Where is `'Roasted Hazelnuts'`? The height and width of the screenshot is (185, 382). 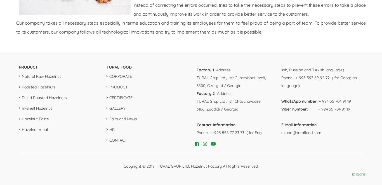
'Roasted Hazelnuts' is located at coordinates (22, 87).